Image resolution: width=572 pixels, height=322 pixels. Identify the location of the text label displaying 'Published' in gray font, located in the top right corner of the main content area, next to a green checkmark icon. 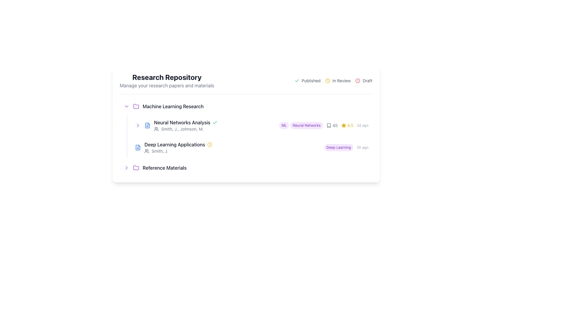
(311, 80).